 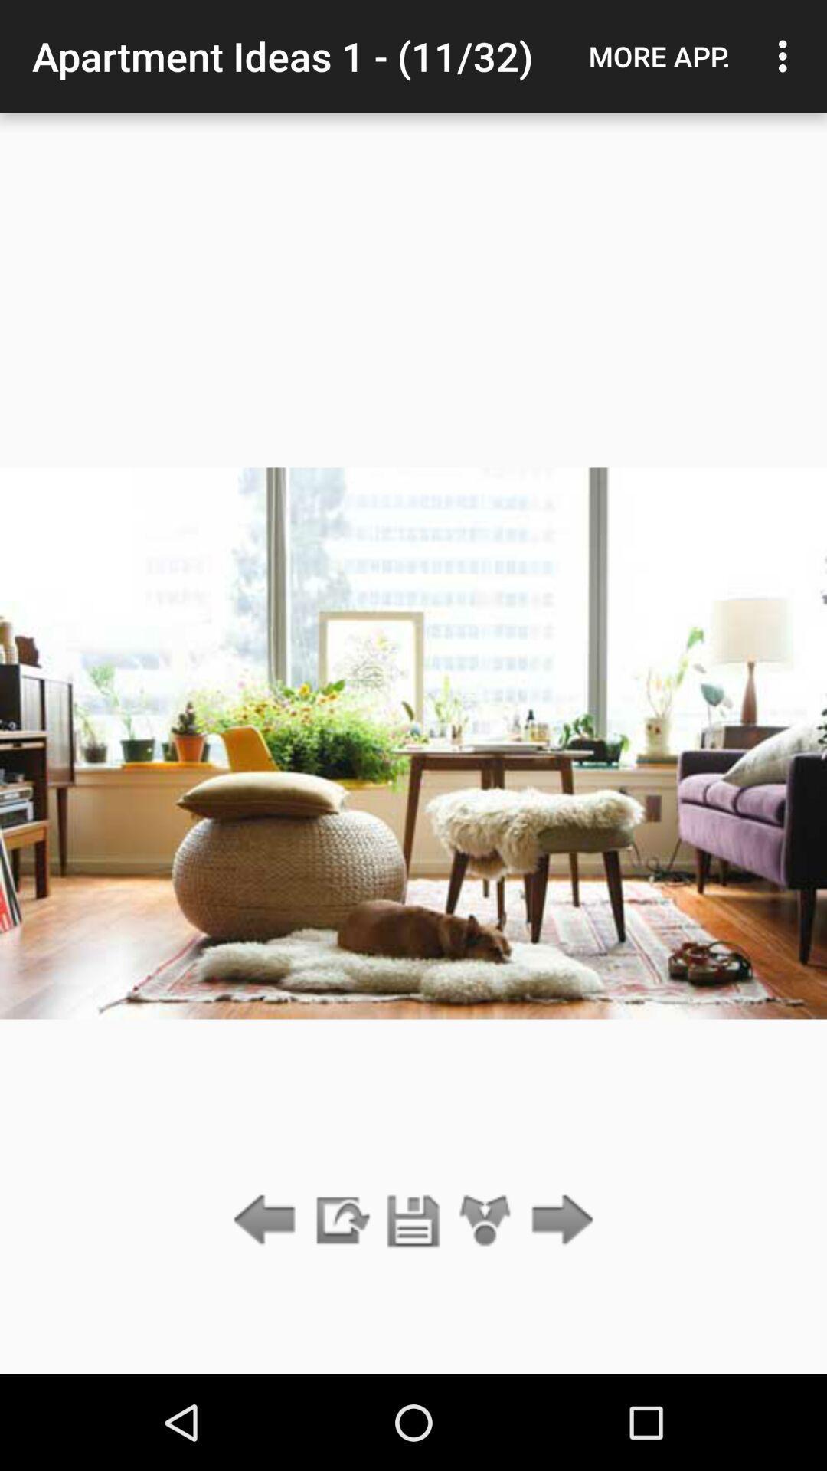 What do you see at coordinates (485, 1220) in the screenshot?
I see `app below apartment ideas 1 item` at bounding box center [485, 1220].